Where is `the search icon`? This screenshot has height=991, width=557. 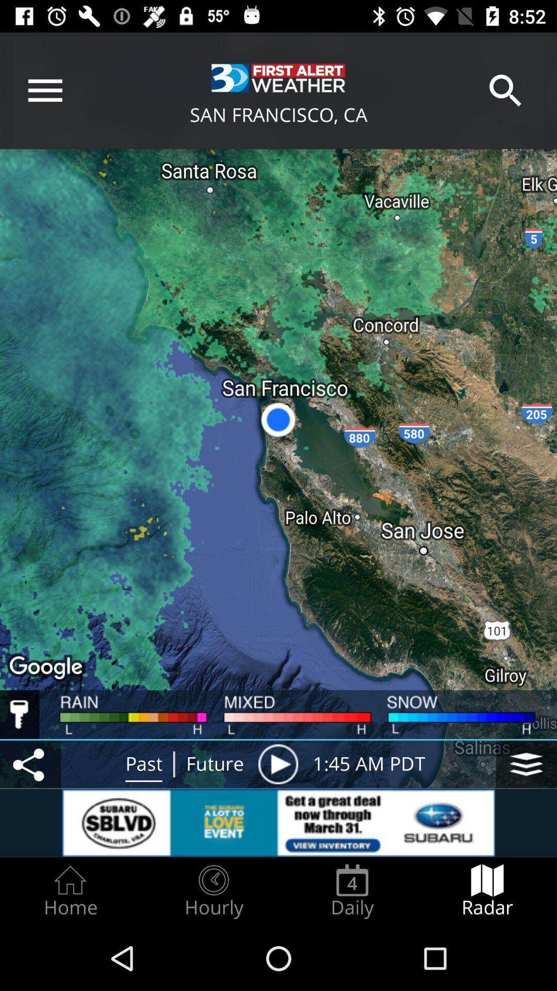 the search icon is located at coordinates (505, 90).